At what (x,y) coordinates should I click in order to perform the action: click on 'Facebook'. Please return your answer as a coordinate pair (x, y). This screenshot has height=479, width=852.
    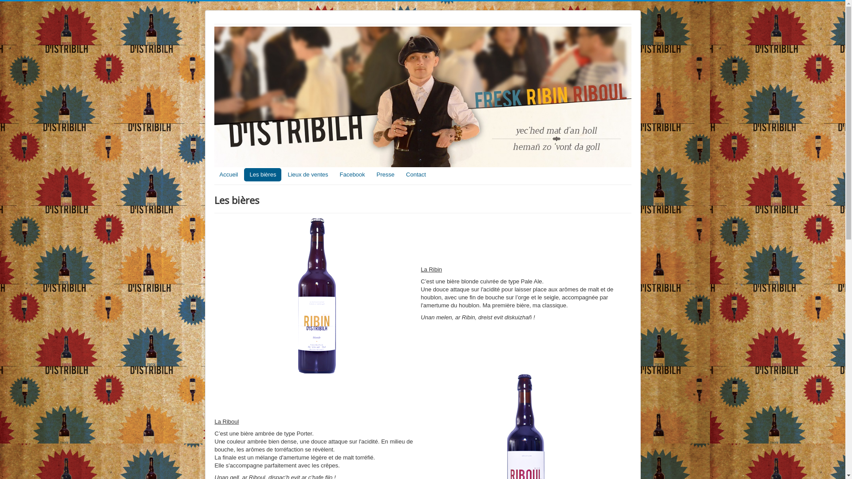
    Looking at the image, I should click on (351, 174).